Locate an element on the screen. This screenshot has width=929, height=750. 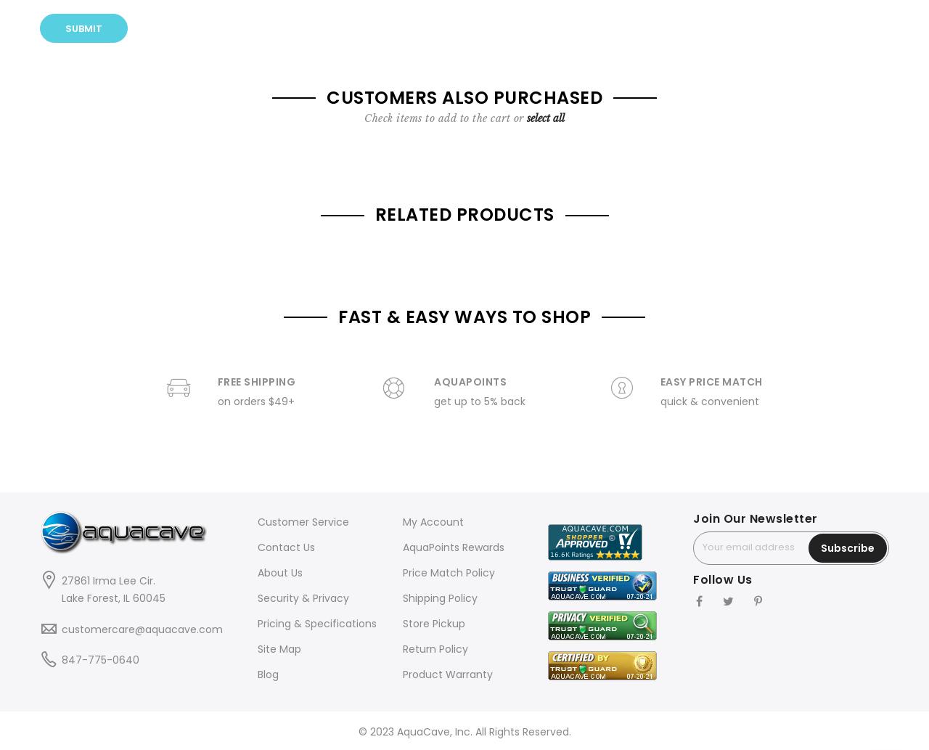
'EASY PRICE MATCH' is located at coordinates (711, 381).